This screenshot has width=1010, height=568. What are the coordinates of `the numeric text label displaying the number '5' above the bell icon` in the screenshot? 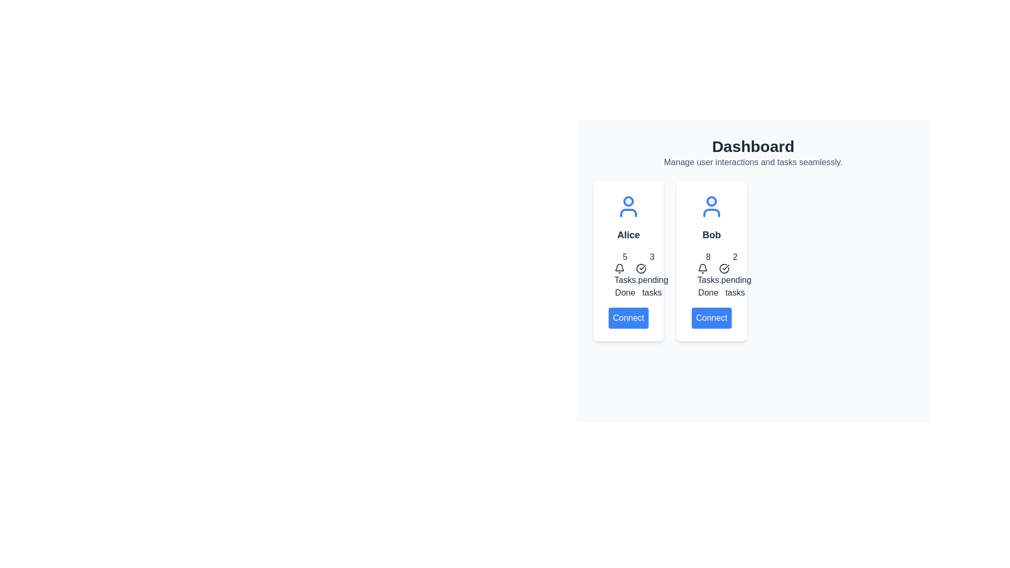 It's located at (625, 257).